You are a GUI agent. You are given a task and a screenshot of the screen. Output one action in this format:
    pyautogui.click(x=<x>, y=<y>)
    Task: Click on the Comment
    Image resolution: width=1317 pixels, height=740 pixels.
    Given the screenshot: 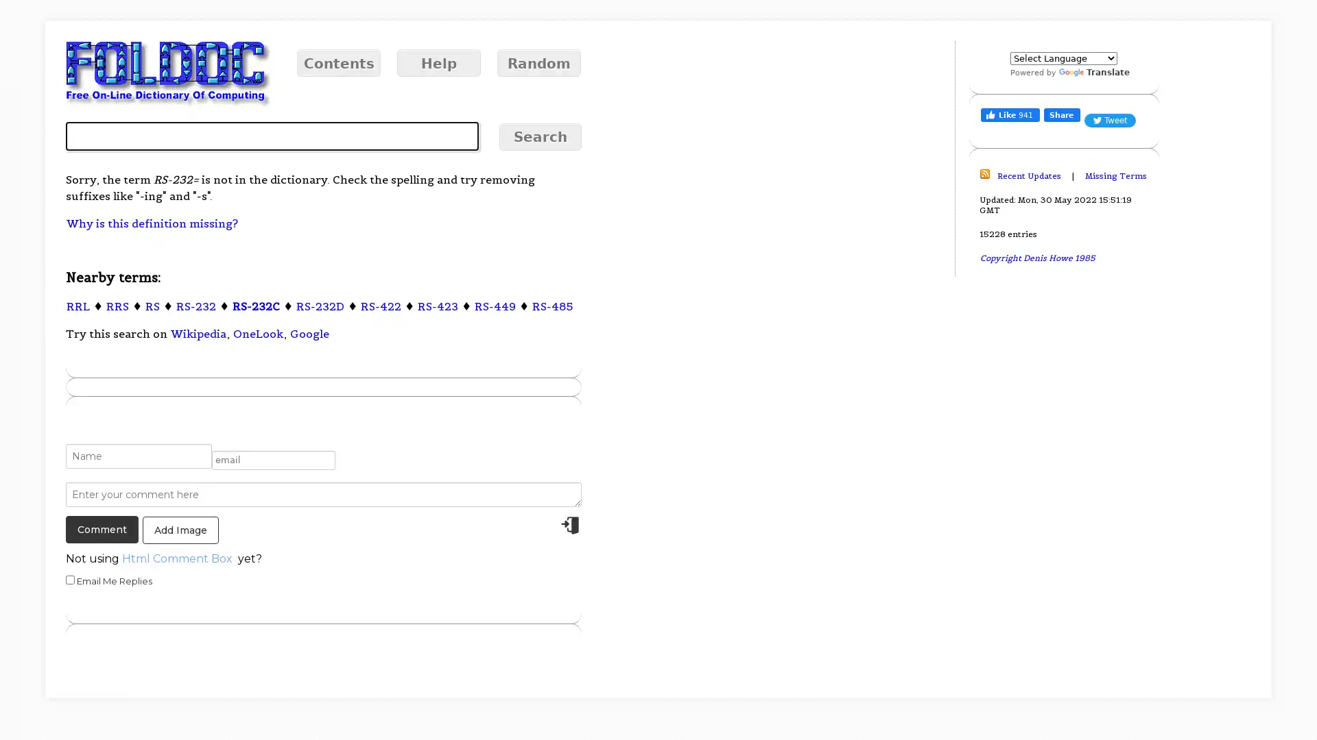 What is the action you would take?
    pyautogui.click(x=101, y=528)
    